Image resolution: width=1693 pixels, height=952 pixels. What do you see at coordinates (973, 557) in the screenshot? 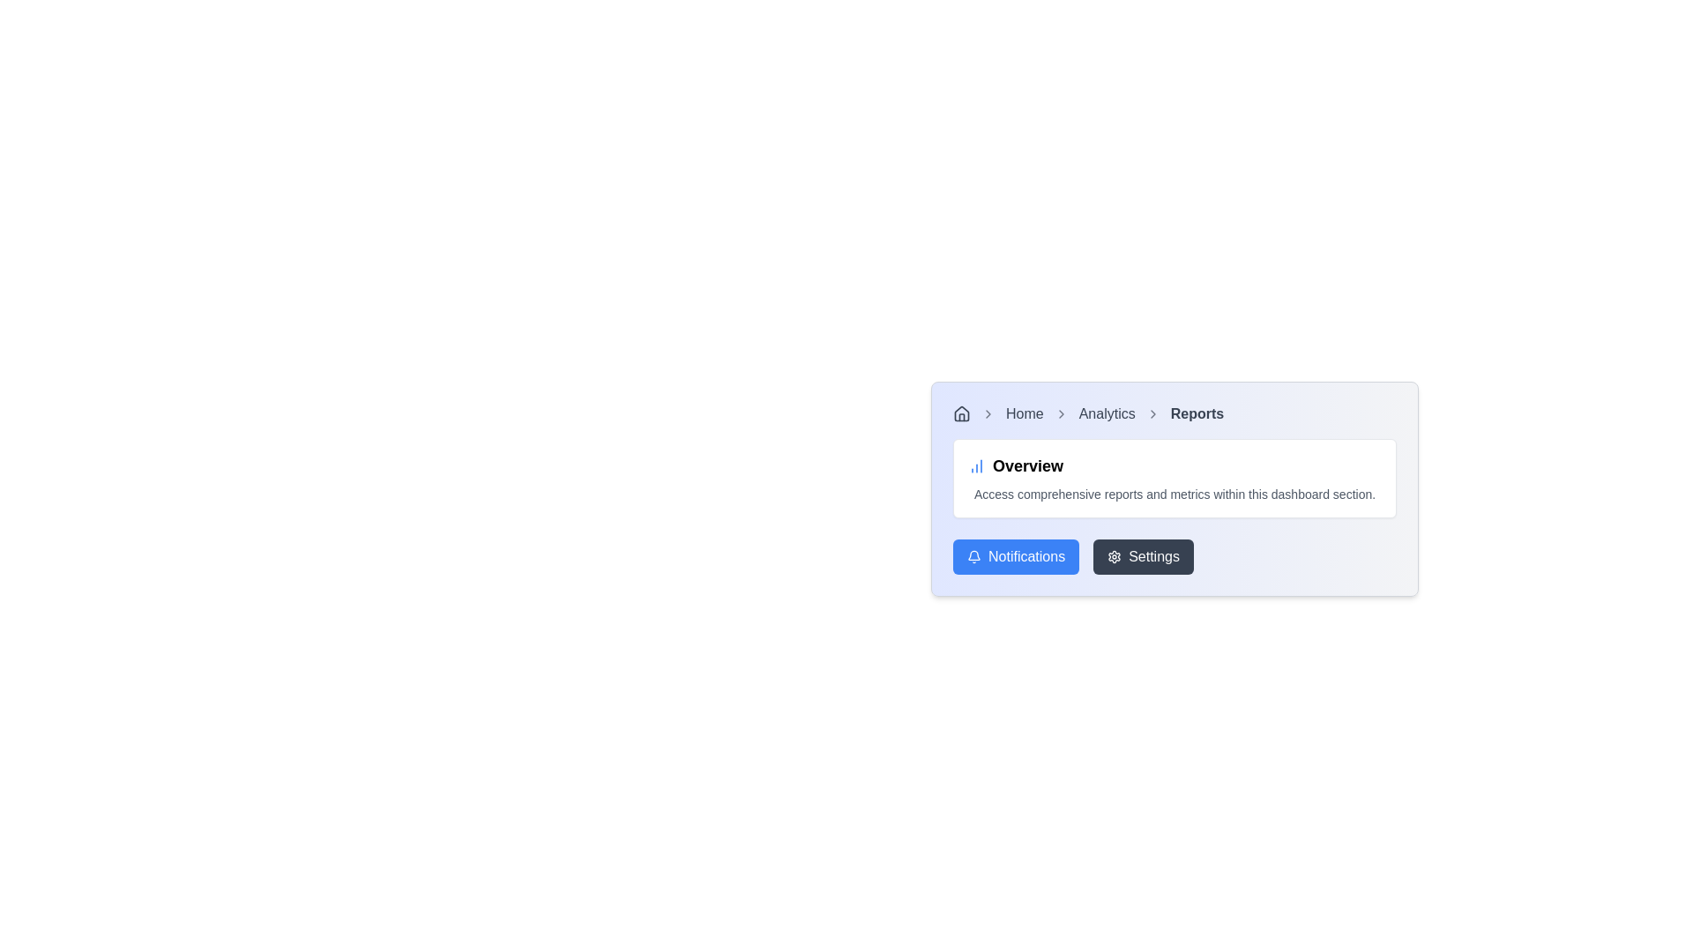
I see `the bell icon within the 'Notifications' button, which is positioned at the bottom of a card and is the left button among its siblings` at bounding box center [973, 557].